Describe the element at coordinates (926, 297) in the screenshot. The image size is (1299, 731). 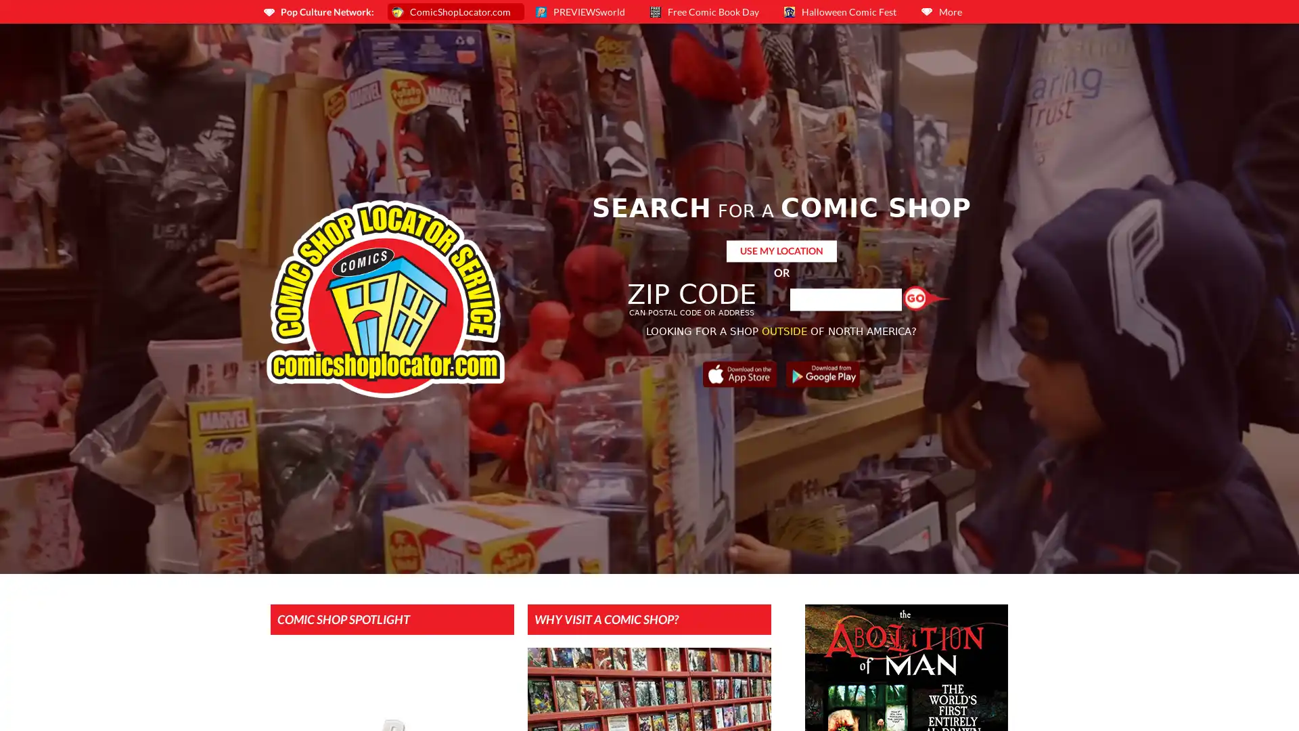
I see `Find a Shop!` at that location.